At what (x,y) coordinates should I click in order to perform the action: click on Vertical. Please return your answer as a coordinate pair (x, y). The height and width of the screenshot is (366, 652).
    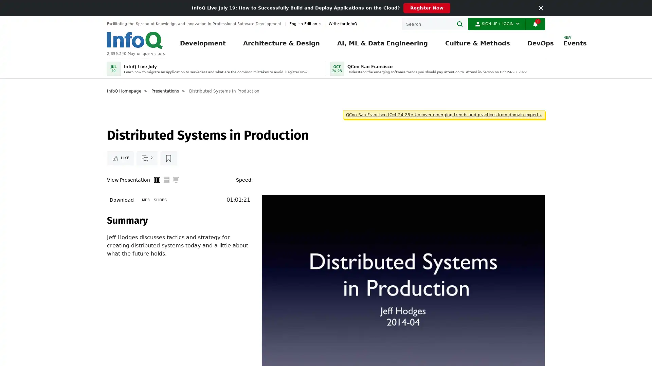
    Looking at the image, I should click on (156, 188).